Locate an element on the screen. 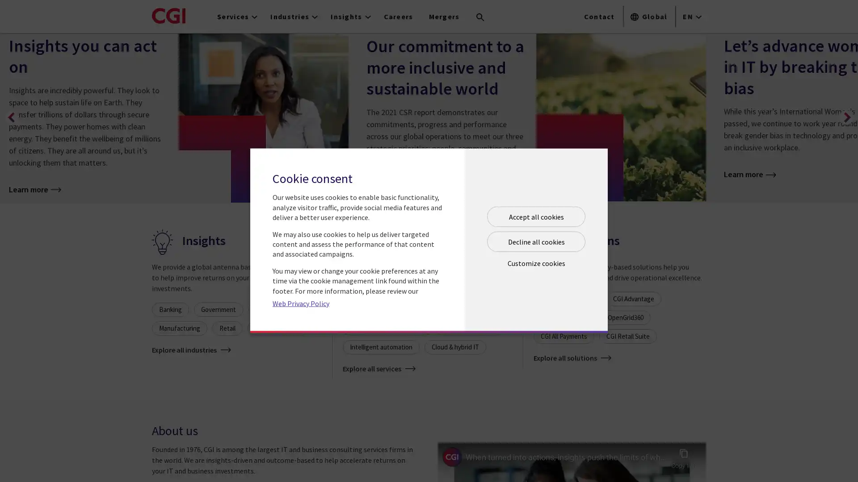 The width and height of the screenshot is (858, 482). Open customize cookie panel is located at coordinates (536, 264).